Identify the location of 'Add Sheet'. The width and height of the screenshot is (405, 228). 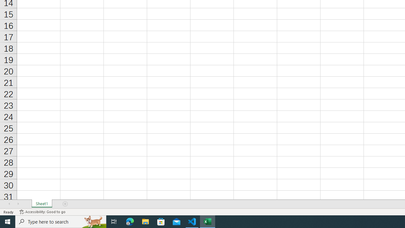
(65, 204).